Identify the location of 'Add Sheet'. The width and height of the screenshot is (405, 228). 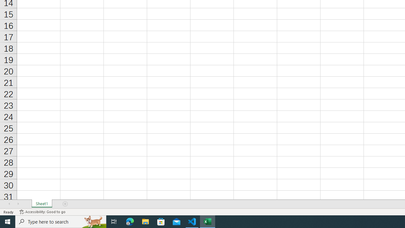
(65, 204).